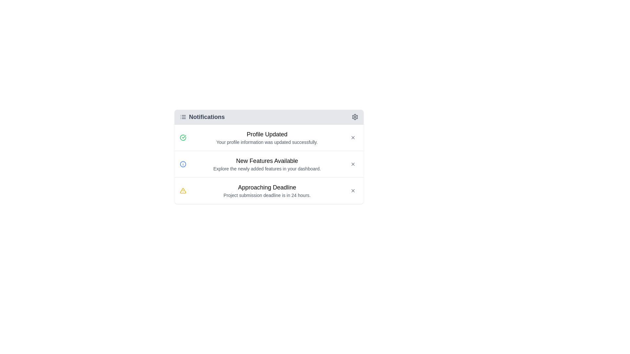 This screenshot has height=354, width=630. I want to click on confirmation message displayed in the text label indicating that the profile information update was successful, located centrally below the 'Profile Updated' heading, so click(267, 142).